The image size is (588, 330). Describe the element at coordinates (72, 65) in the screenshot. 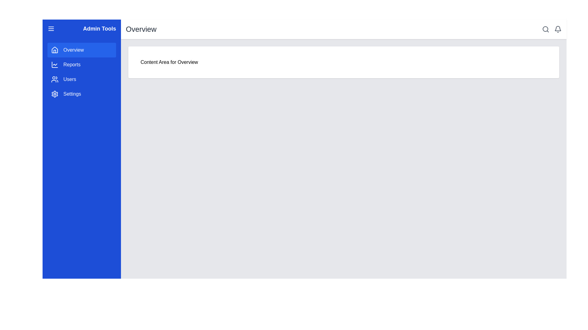

I see `the 'Reports' text label in the vertical navigation menu` at that location.